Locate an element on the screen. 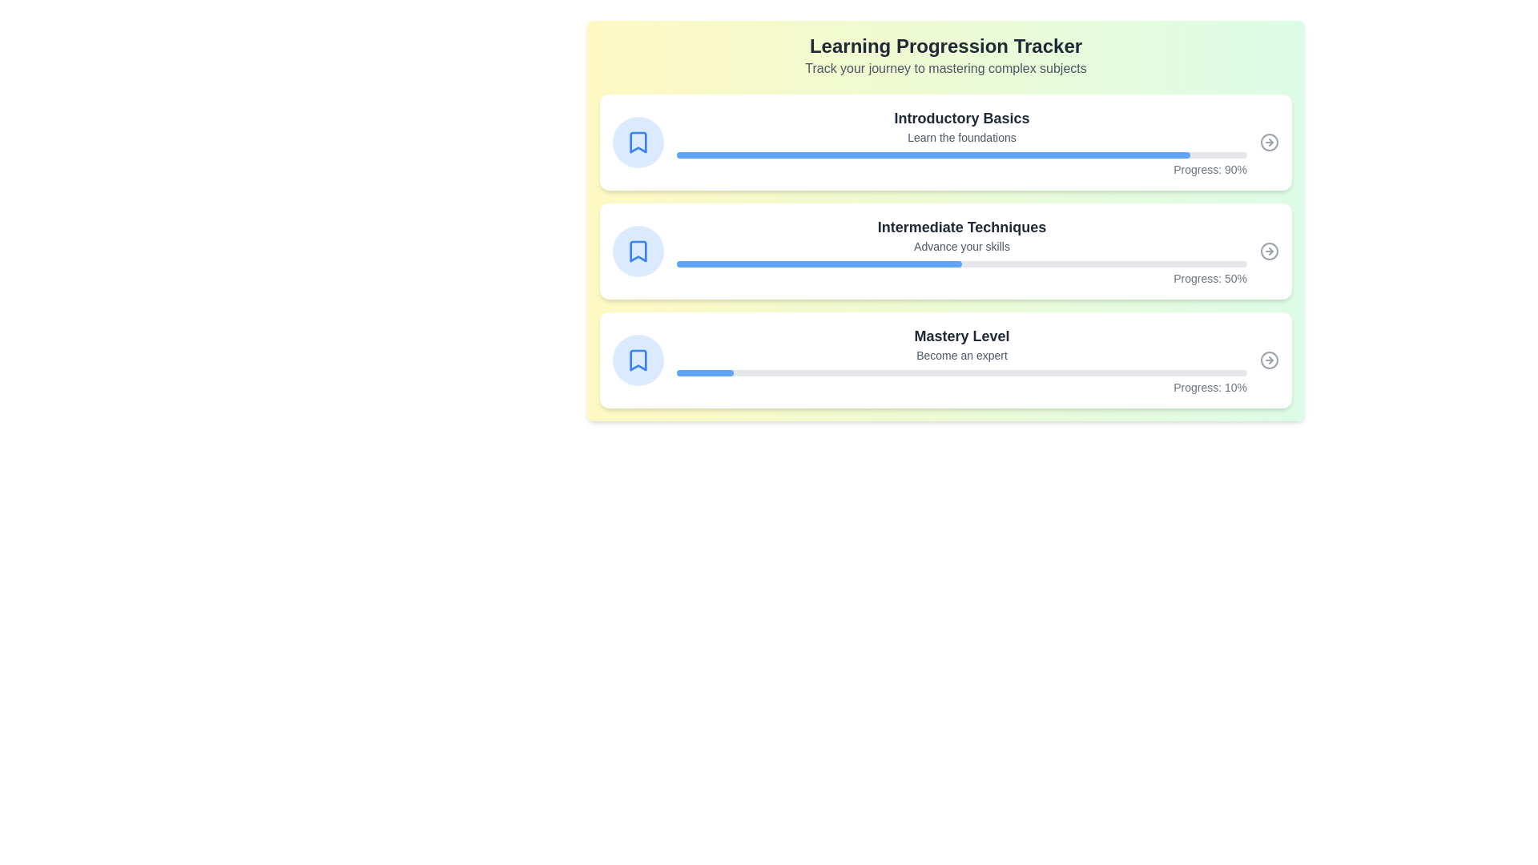  the blue progress indicator, which is a small, horizontally elongated rectangle with rounded edges located at the far left of the light gray progress bar below the 'Mastery Level' section is located at coordinates (705, 373).